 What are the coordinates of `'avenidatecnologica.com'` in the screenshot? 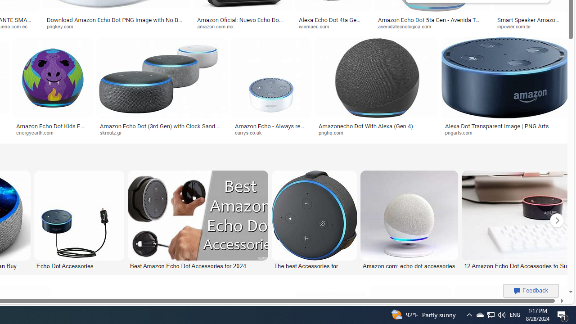 It's located at (432, 26).